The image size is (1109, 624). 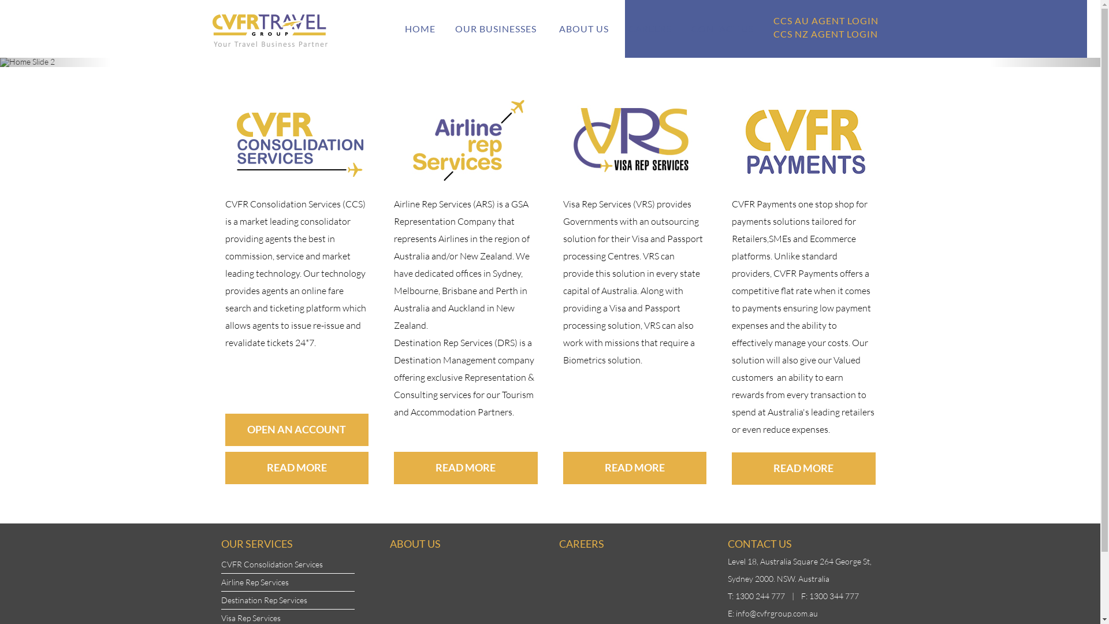 What do you see at coordinates (297, 430) in the screenshot?
I see `'OPEN AN ACCOUNT'` at bounding box center [297, 430].